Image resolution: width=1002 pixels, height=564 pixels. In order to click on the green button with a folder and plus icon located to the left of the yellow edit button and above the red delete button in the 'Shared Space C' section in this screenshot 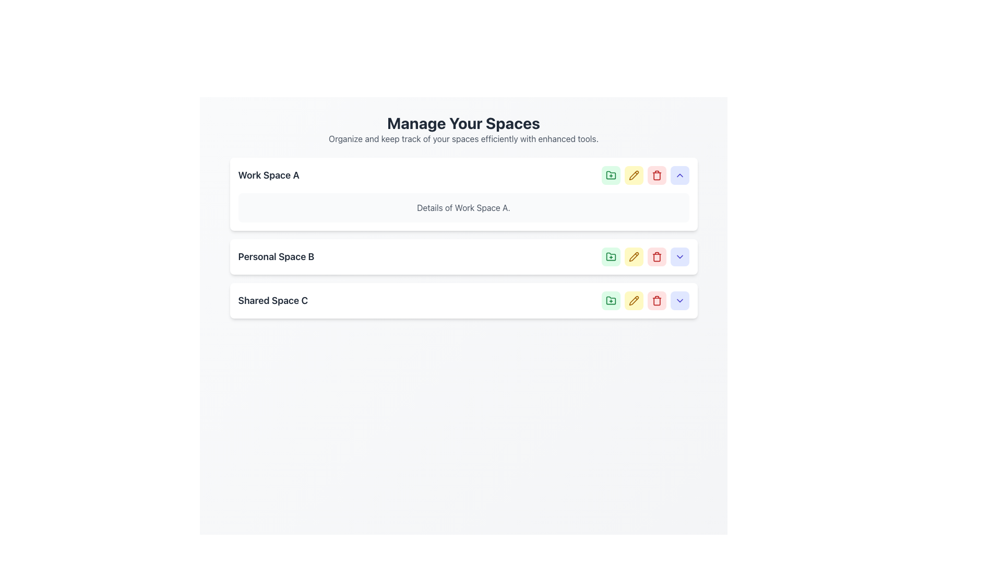, I will do `click(611, 300)`.